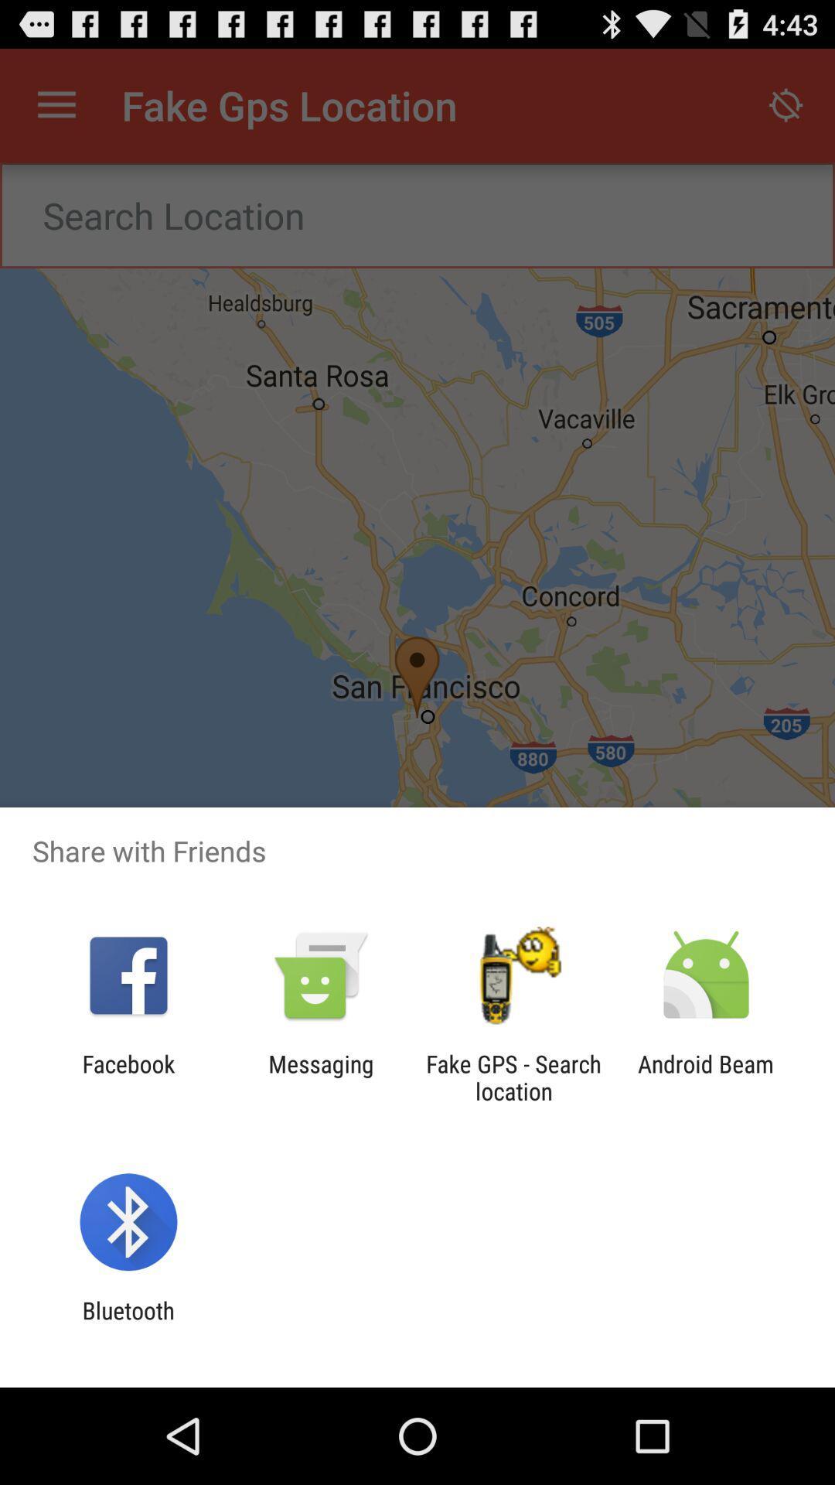 This screenshot has height=1485, width=835. I want to click on messaging item, so click(320, 1077).